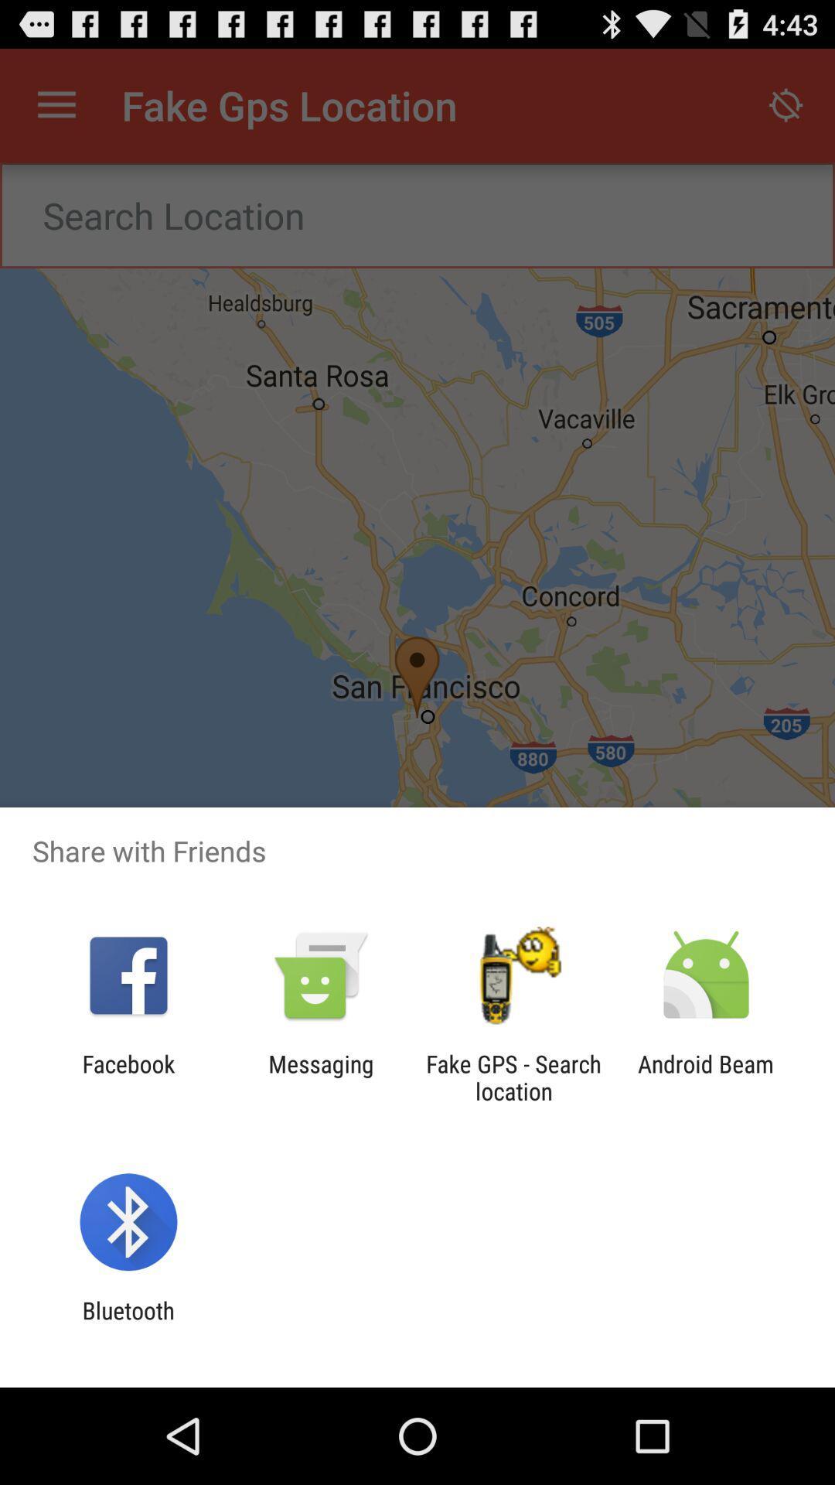 This screenshot has height=1485, width=835. I want to click on messaging item, so click(320, 1077).